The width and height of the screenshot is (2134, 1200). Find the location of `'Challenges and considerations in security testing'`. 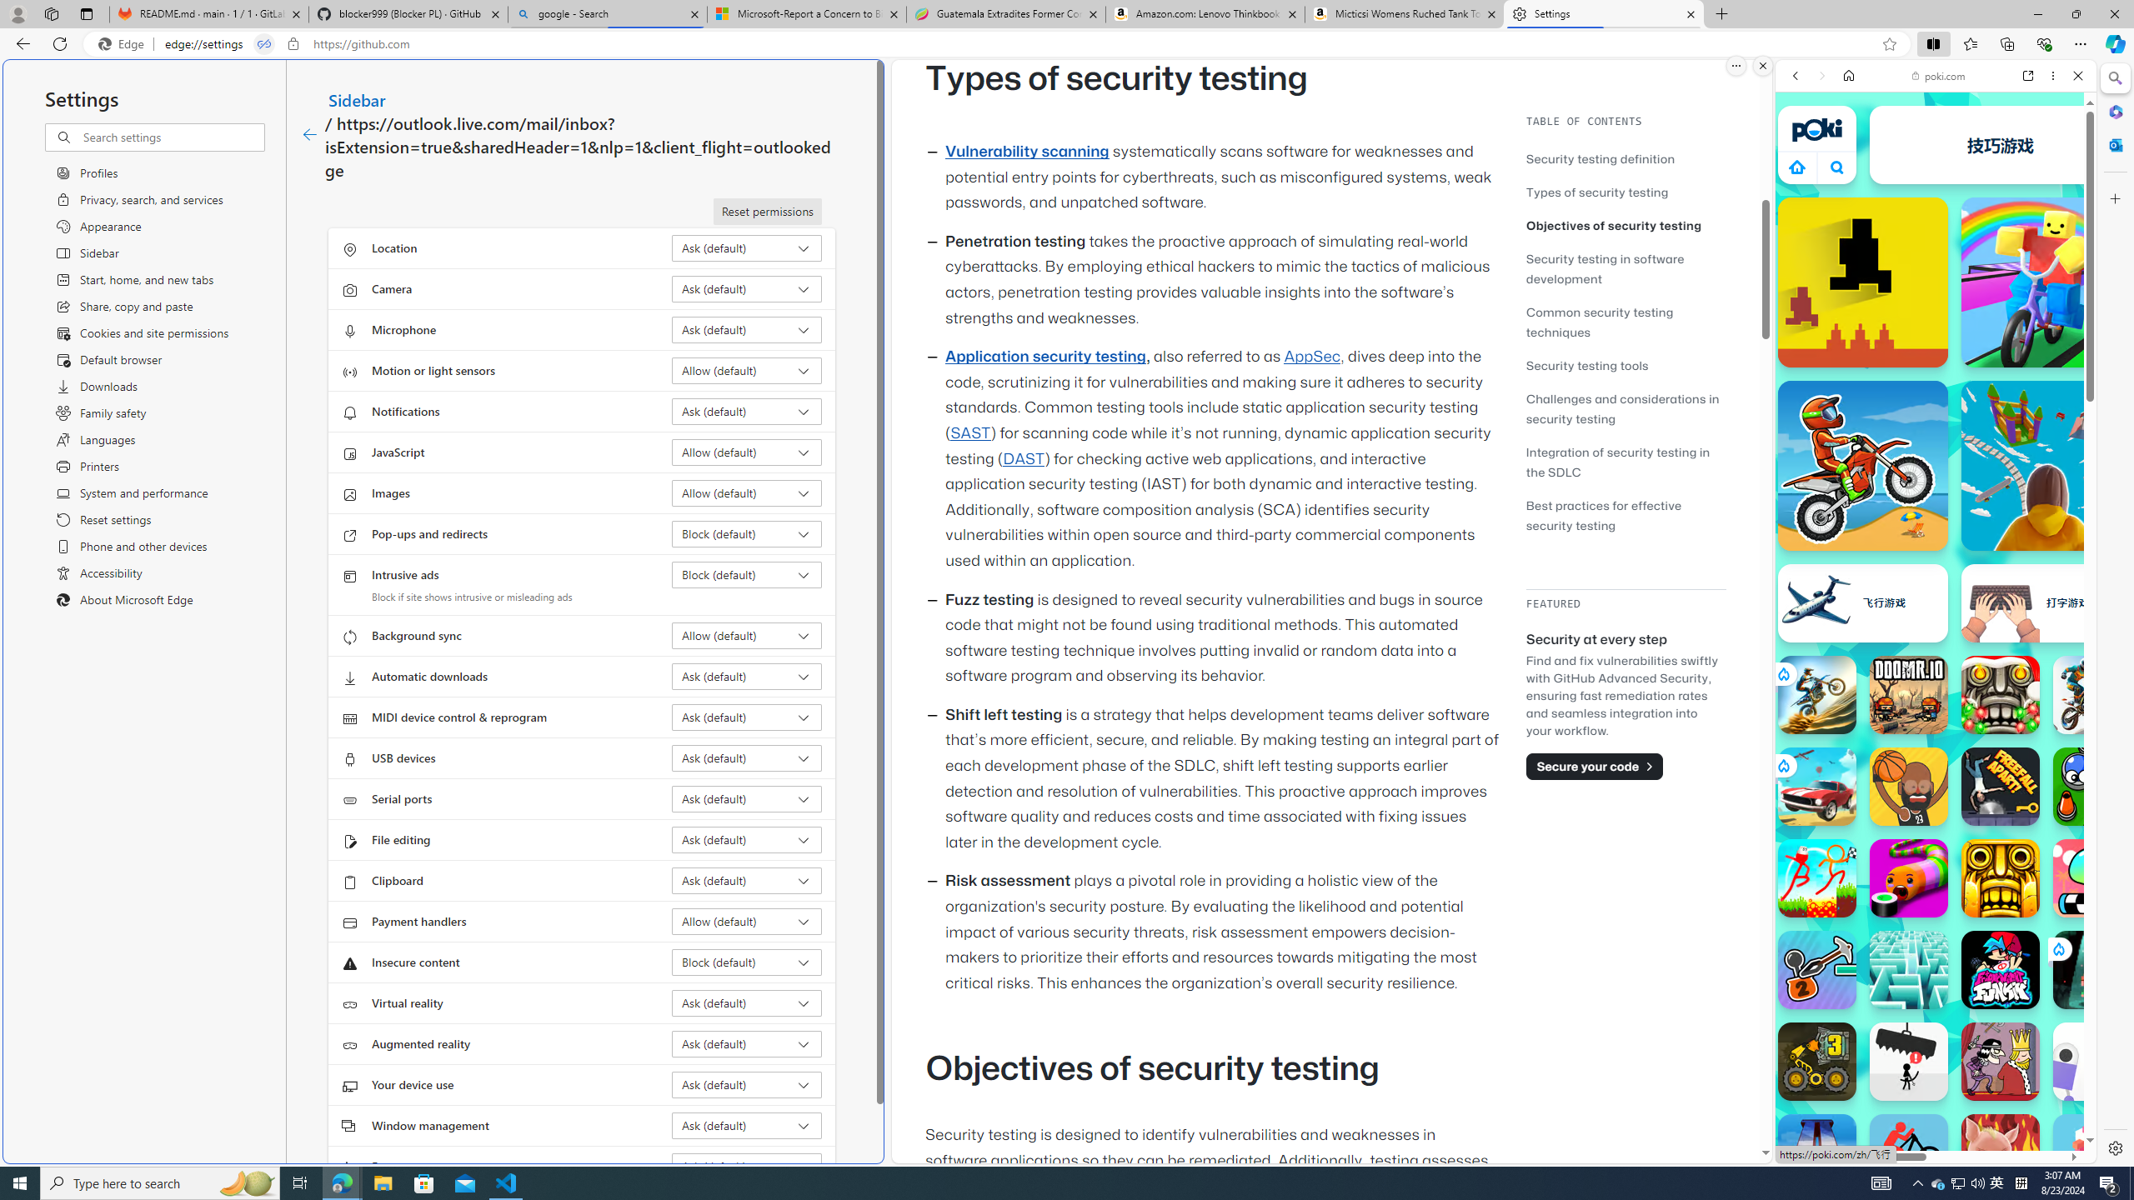

'Challenges and considerations in security testing' is located at coordinates (1621, 408).